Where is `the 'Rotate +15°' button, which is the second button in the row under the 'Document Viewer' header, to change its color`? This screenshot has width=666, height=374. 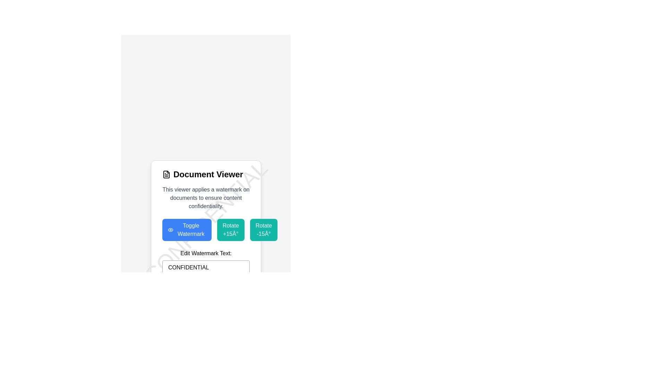 the 'Rotate +15°' button, which is the second button in the row under the 'Document Viewer' header, to change its color is located at coordinates (231, 230).